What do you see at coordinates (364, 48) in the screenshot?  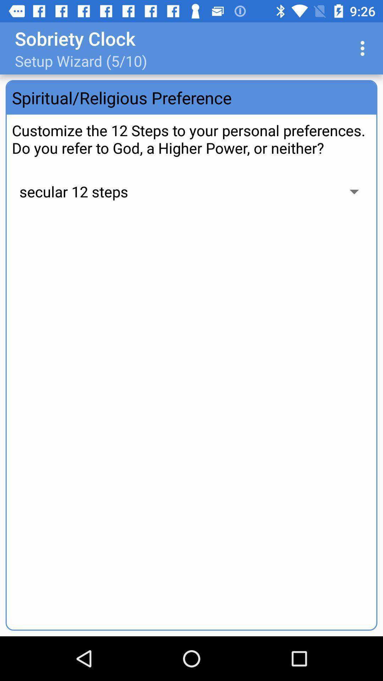 I see `item at the top right corner` at bounding box center [364, 48].